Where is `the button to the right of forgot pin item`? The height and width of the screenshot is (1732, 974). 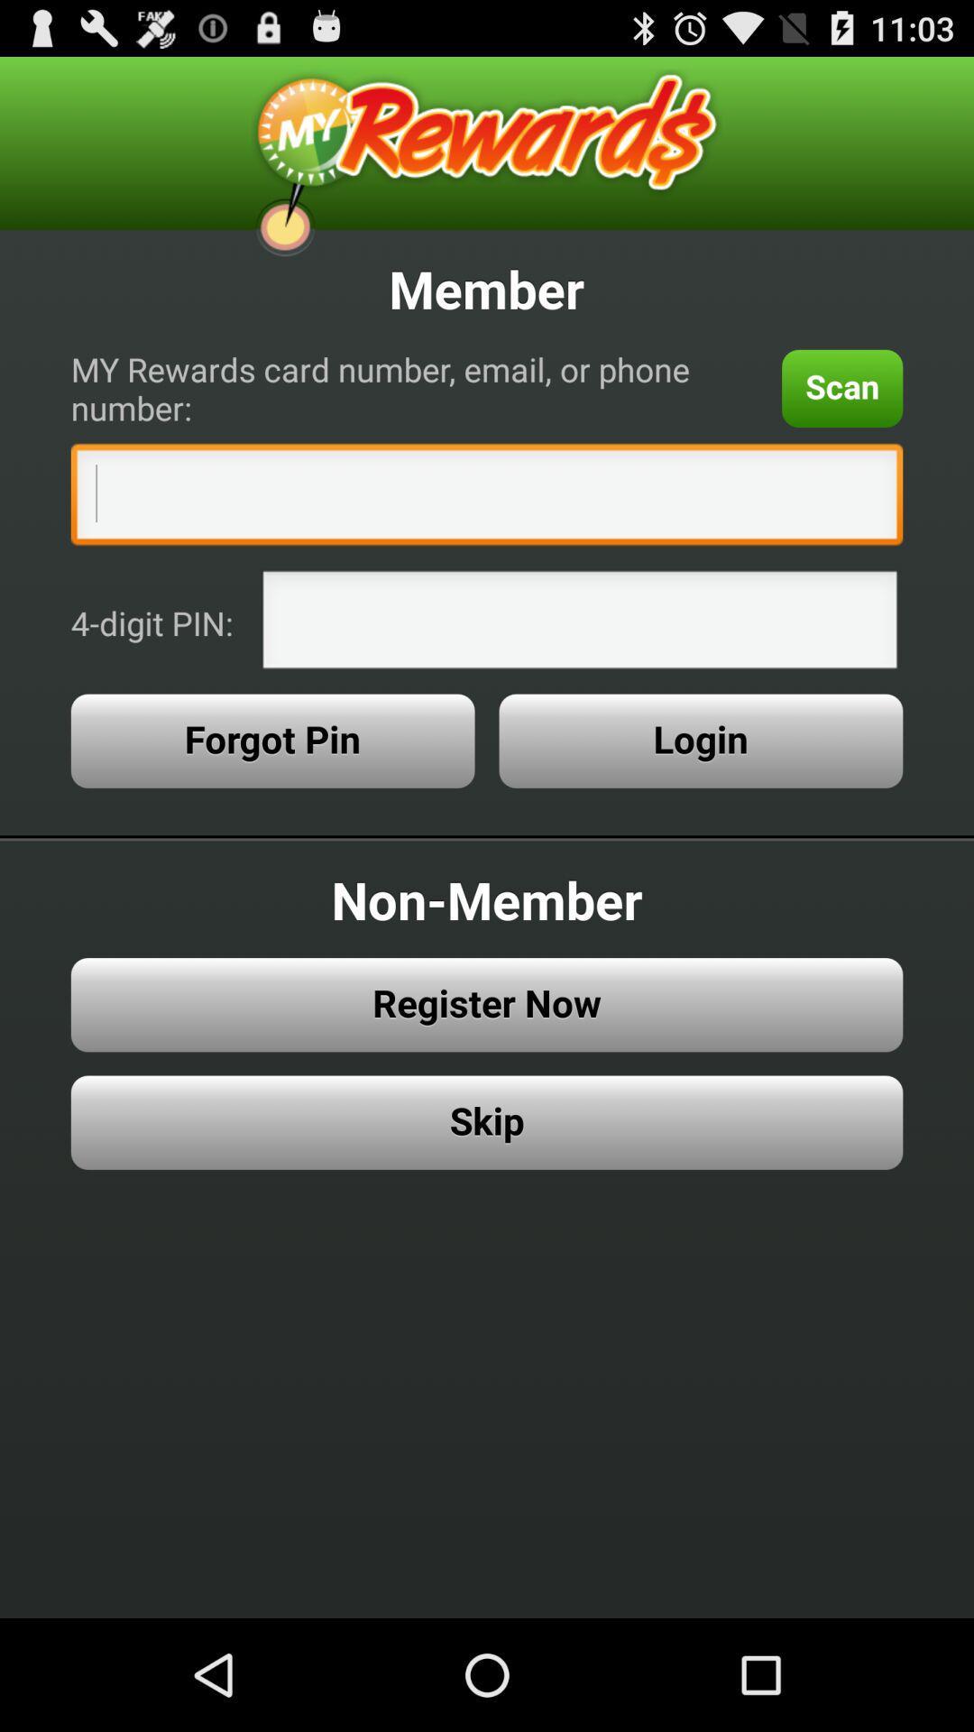 the button to the right of forgot pin item is located at coordinates (700, 741).